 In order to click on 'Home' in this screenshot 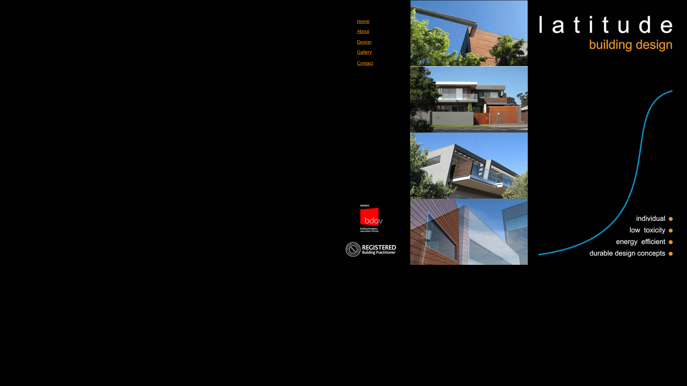, I will do `click(363, 21)`.